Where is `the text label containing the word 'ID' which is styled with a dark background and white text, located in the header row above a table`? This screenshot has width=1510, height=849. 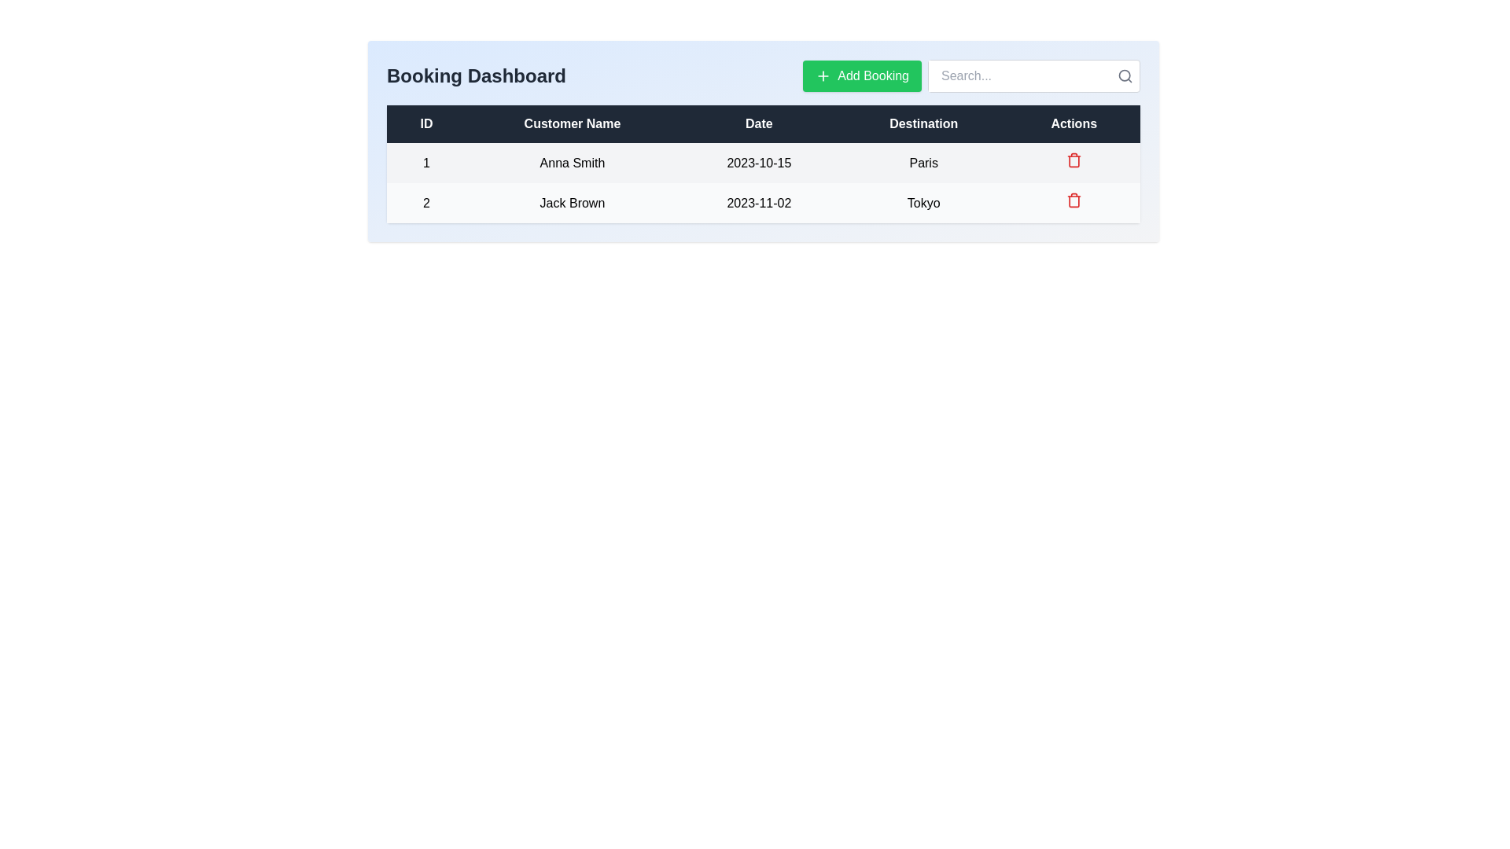 the text label containing the word 'ID' which is styled with a dark background and white text, located in the header row above a table is located at coordinates (426, 123).